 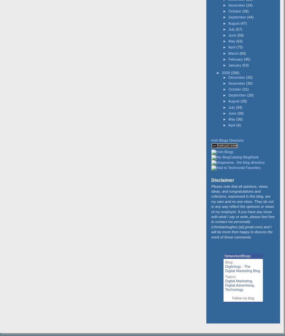 I want to click on 'Digital Advertising', so click(x=224, y=285).